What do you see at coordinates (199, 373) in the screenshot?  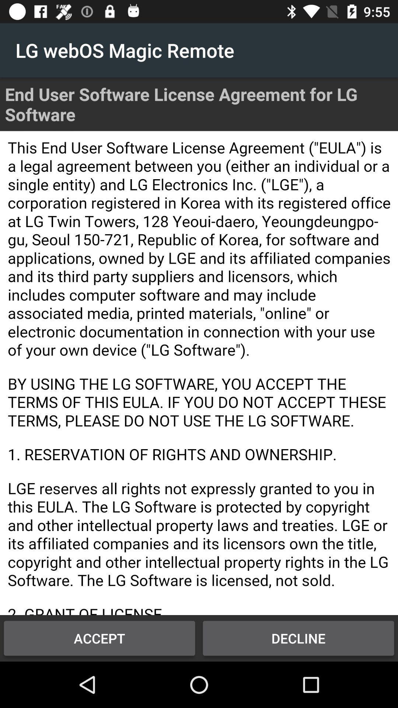 I see `license agreement for software` at bounding box center [199, 373].